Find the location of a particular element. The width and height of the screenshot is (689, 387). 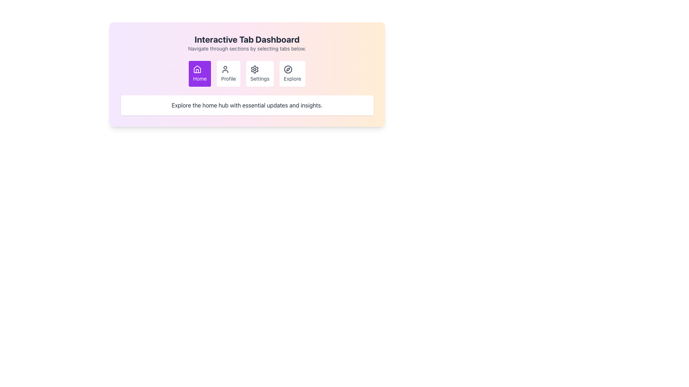

the 'Explore' button, which is a rectangular button with rounded corners, a white background, gray text, and a compass icon, located fourth in the navigation bar below the header 'Interactive Tab Dashboard' is located at coordinates (292, 73).